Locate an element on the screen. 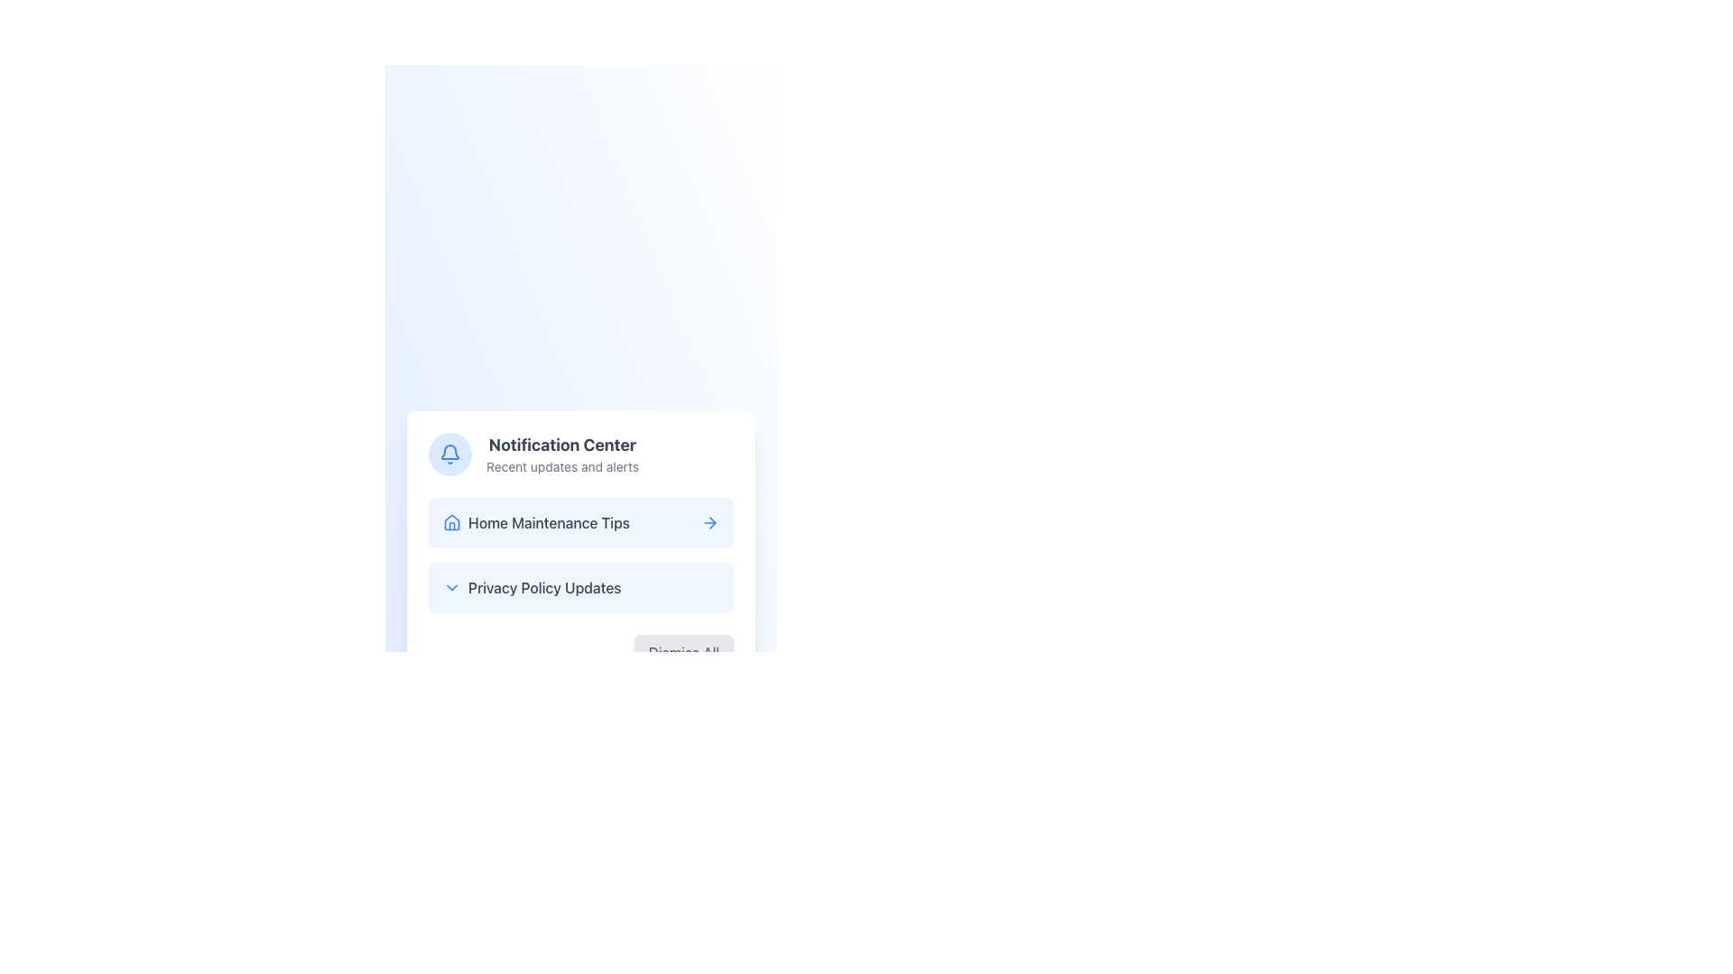 This screenshot has height=974, width=1733. the heading text block for the notification center section, which includes a bold title and subtitle is located at coordinates (561, 454).